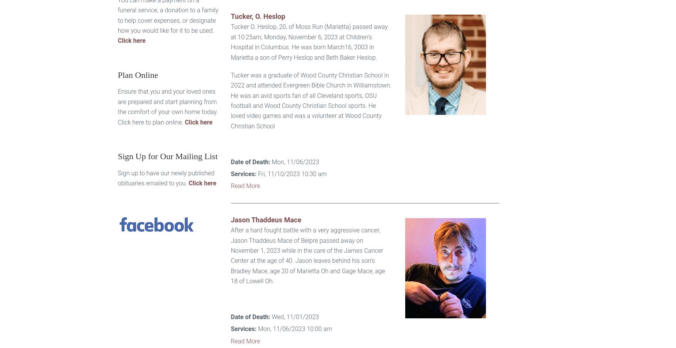  I want to click on 'Fri, 11/10/2023 10:30 am', so click(291, 173).